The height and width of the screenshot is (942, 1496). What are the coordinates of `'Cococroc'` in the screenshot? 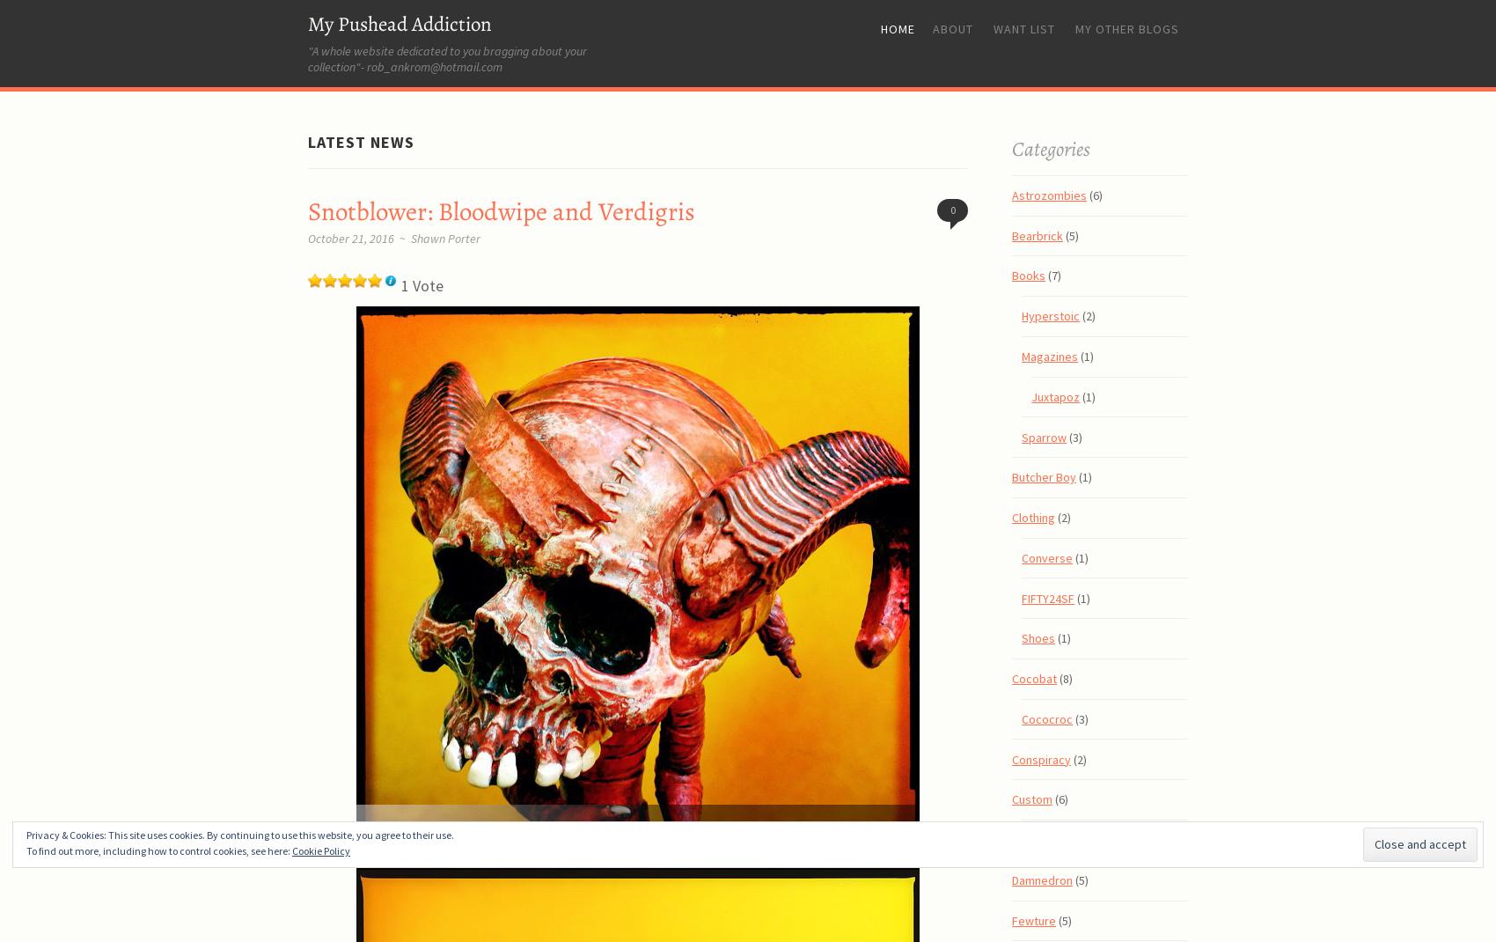 It's located at (1046, 718).